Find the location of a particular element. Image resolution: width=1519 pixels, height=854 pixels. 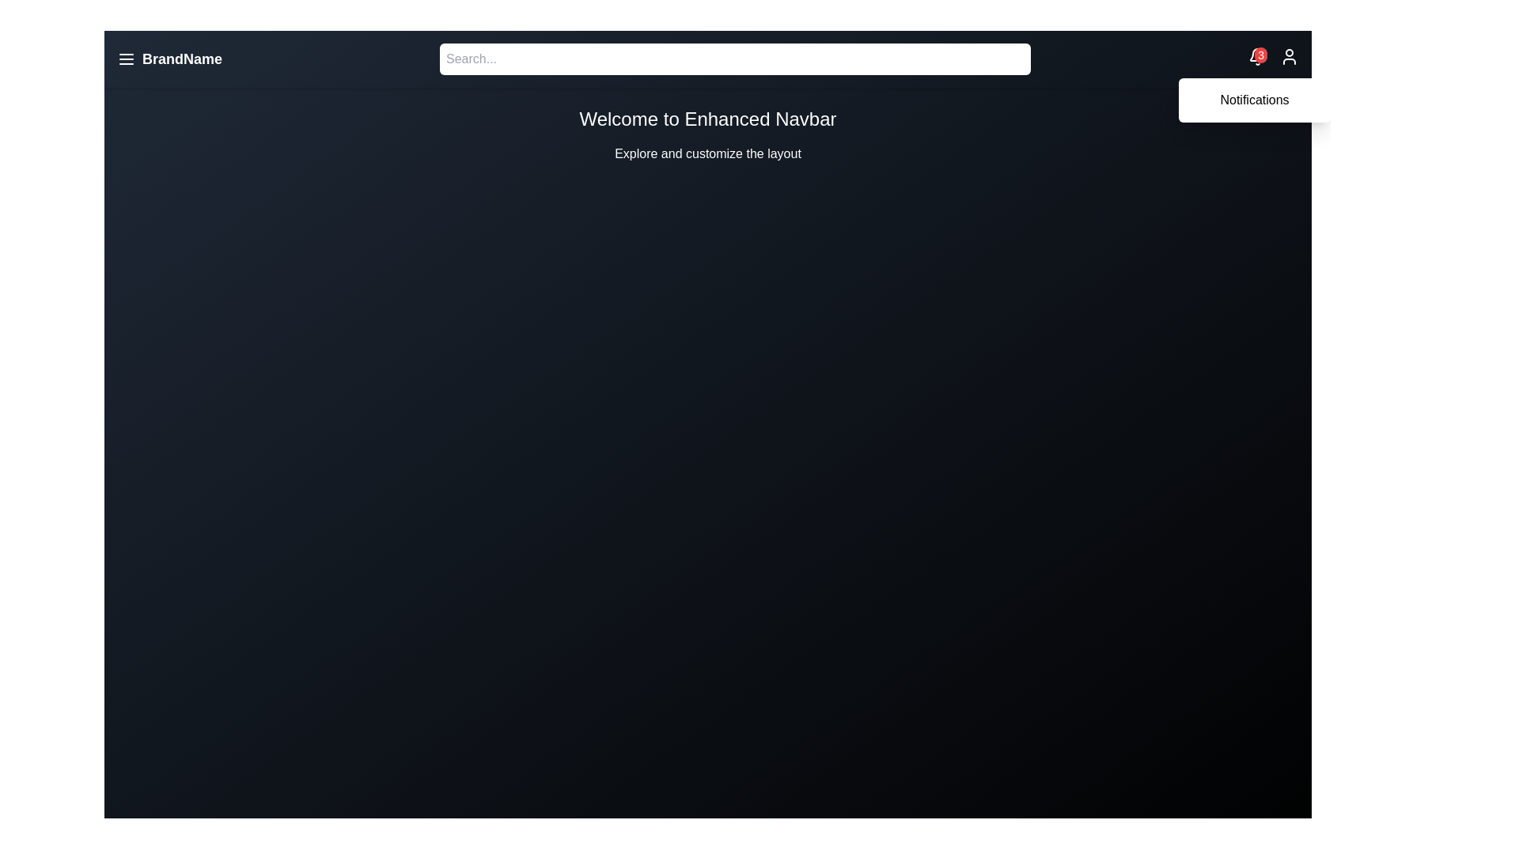

notification icon to toggle the notifications panel is located at coordinates (1256, 55).